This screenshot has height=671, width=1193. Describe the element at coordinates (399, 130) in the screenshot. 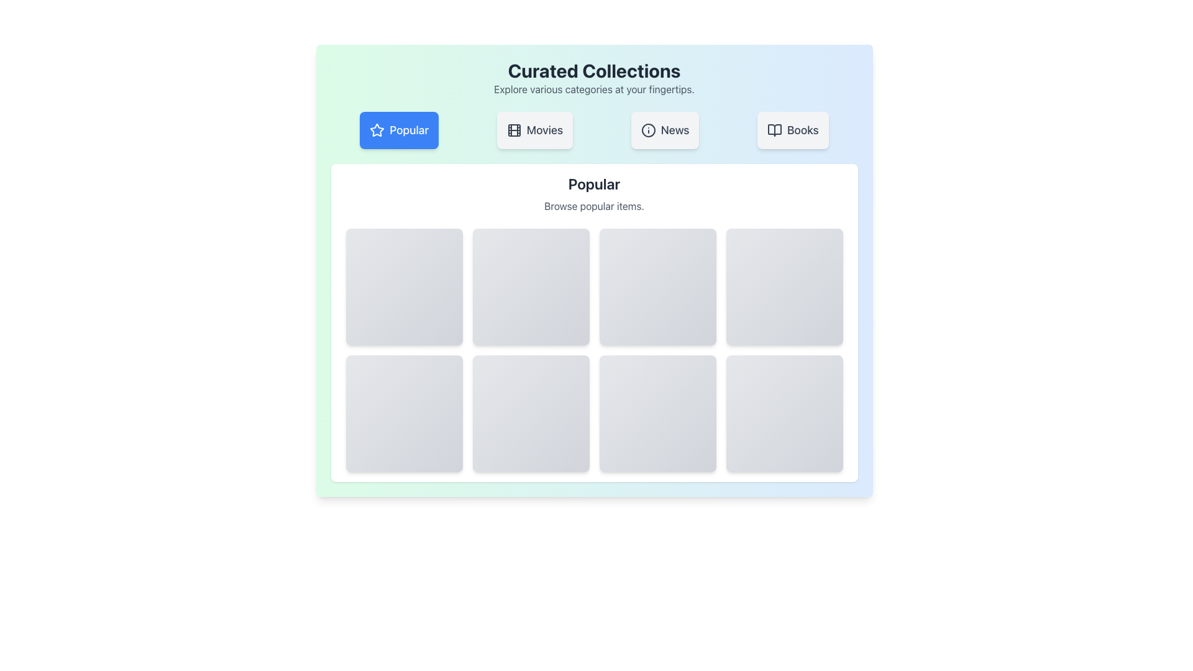

I see `the 'Popular' button located at the far left of the horizontal group of buttons under 'Curated Collections'` at that location.